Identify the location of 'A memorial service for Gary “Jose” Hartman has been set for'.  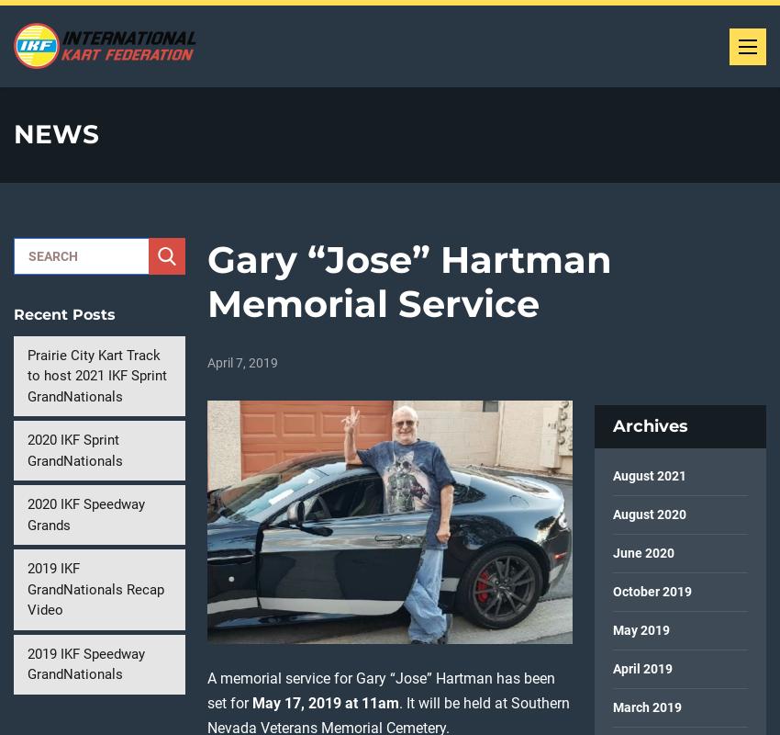
(381, 689).